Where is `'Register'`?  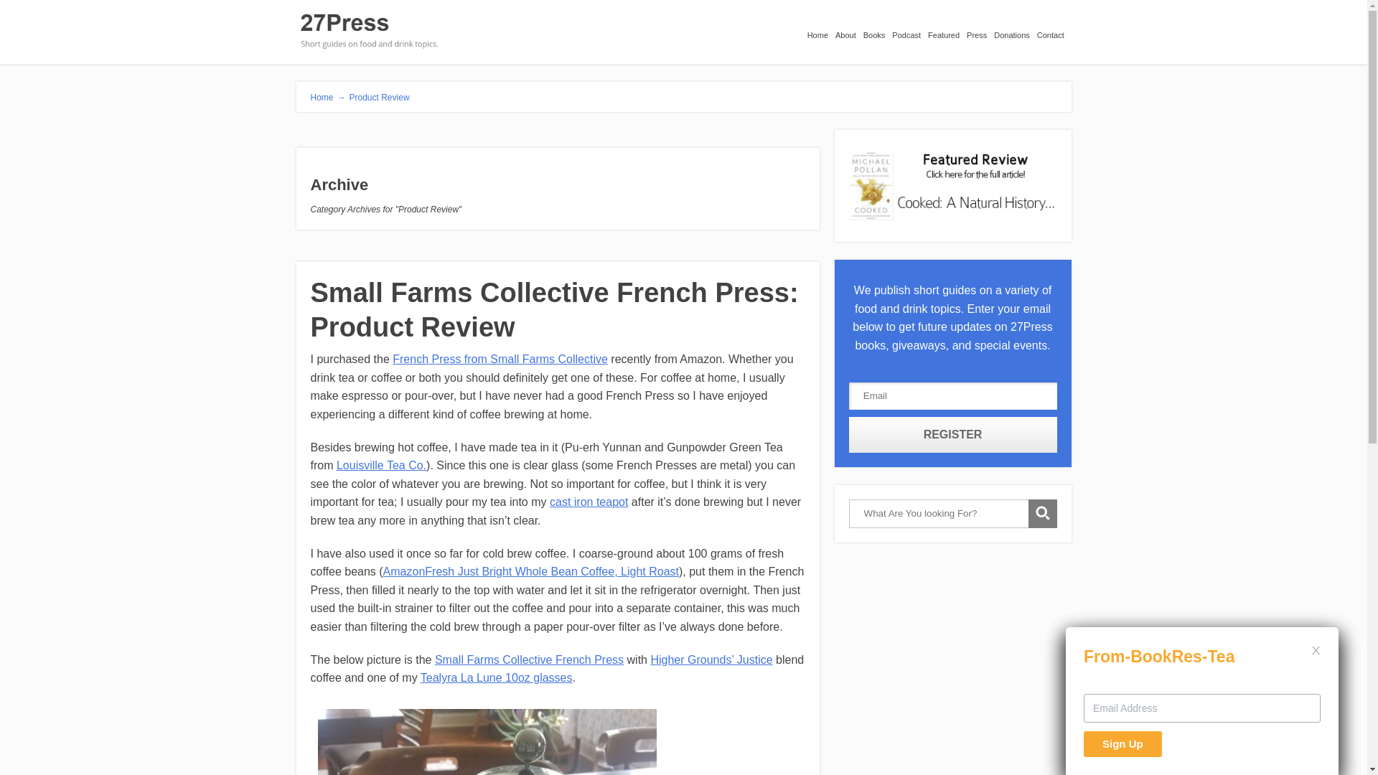
'Register' is located at coordinates (953, 433).